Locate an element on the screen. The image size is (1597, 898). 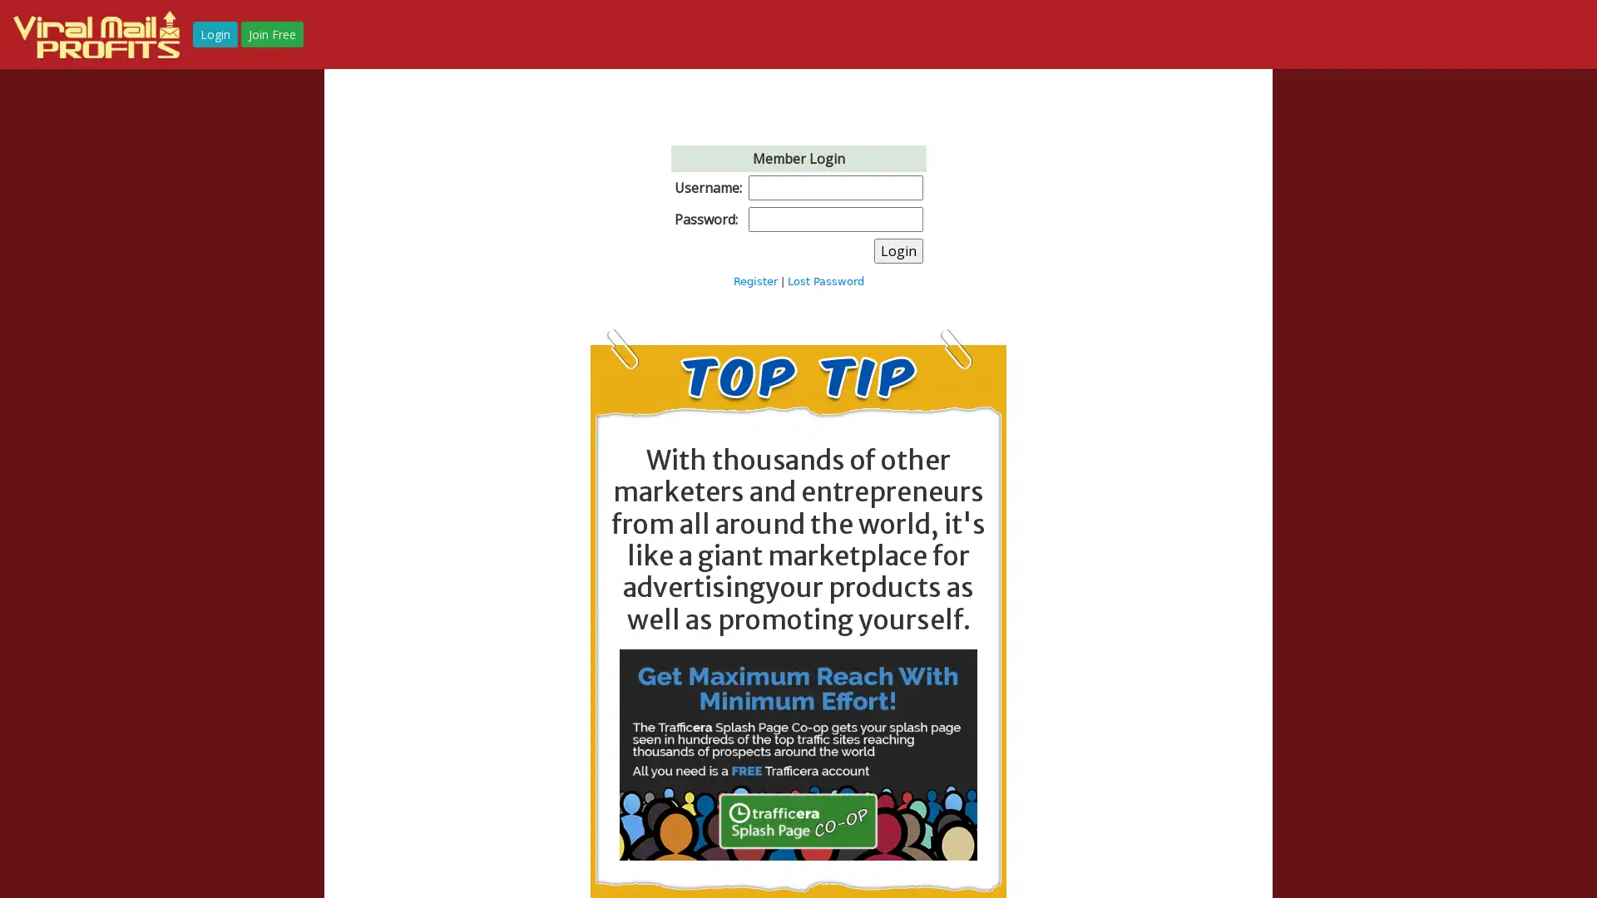
Login is located at coordinates (897, 249).